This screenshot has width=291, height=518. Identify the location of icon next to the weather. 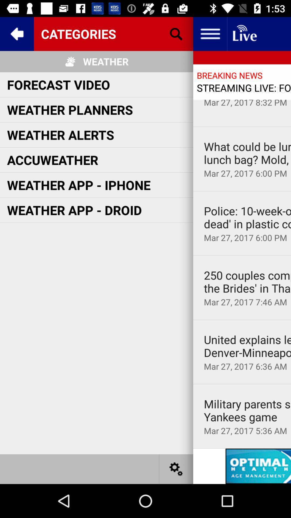
(176, 33).